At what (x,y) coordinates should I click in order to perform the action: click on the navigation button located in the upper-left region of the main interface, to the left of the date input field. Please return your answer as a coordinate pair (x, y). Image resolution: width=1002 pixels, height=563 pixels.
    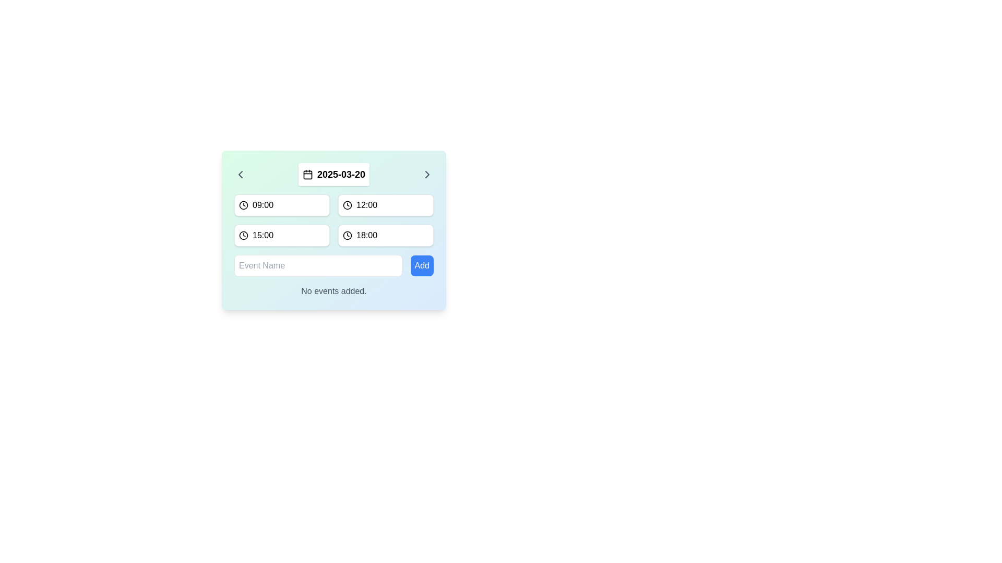
    Looking at the image, I should click on (240, 174).